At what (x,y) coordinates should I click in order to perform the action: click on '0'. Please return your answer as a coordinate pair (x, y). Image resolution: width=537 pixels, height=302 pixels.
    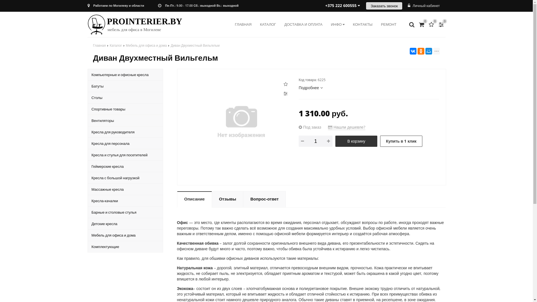
    Looking at the image, I should click on (436, 24).